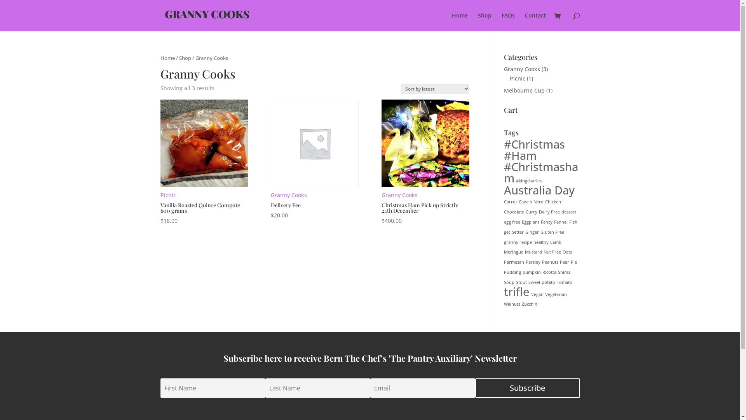 The width and height of the screenshot is (746, 420). What do you see at coordinates (167, 58) in the screenshot?
I see `'Home'` at bounding box center [167, 58].